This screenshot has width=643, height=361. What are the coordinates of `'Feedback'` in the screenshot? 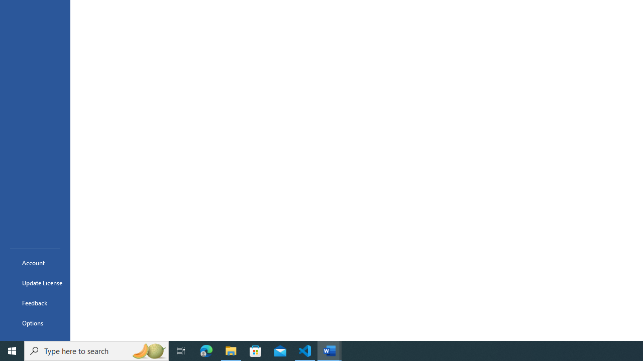 It's located at (35, 302).